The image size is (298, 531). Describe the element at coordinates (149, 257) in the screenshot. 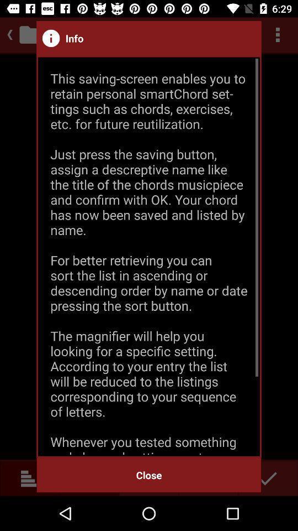

I see `the item above close` at that location.